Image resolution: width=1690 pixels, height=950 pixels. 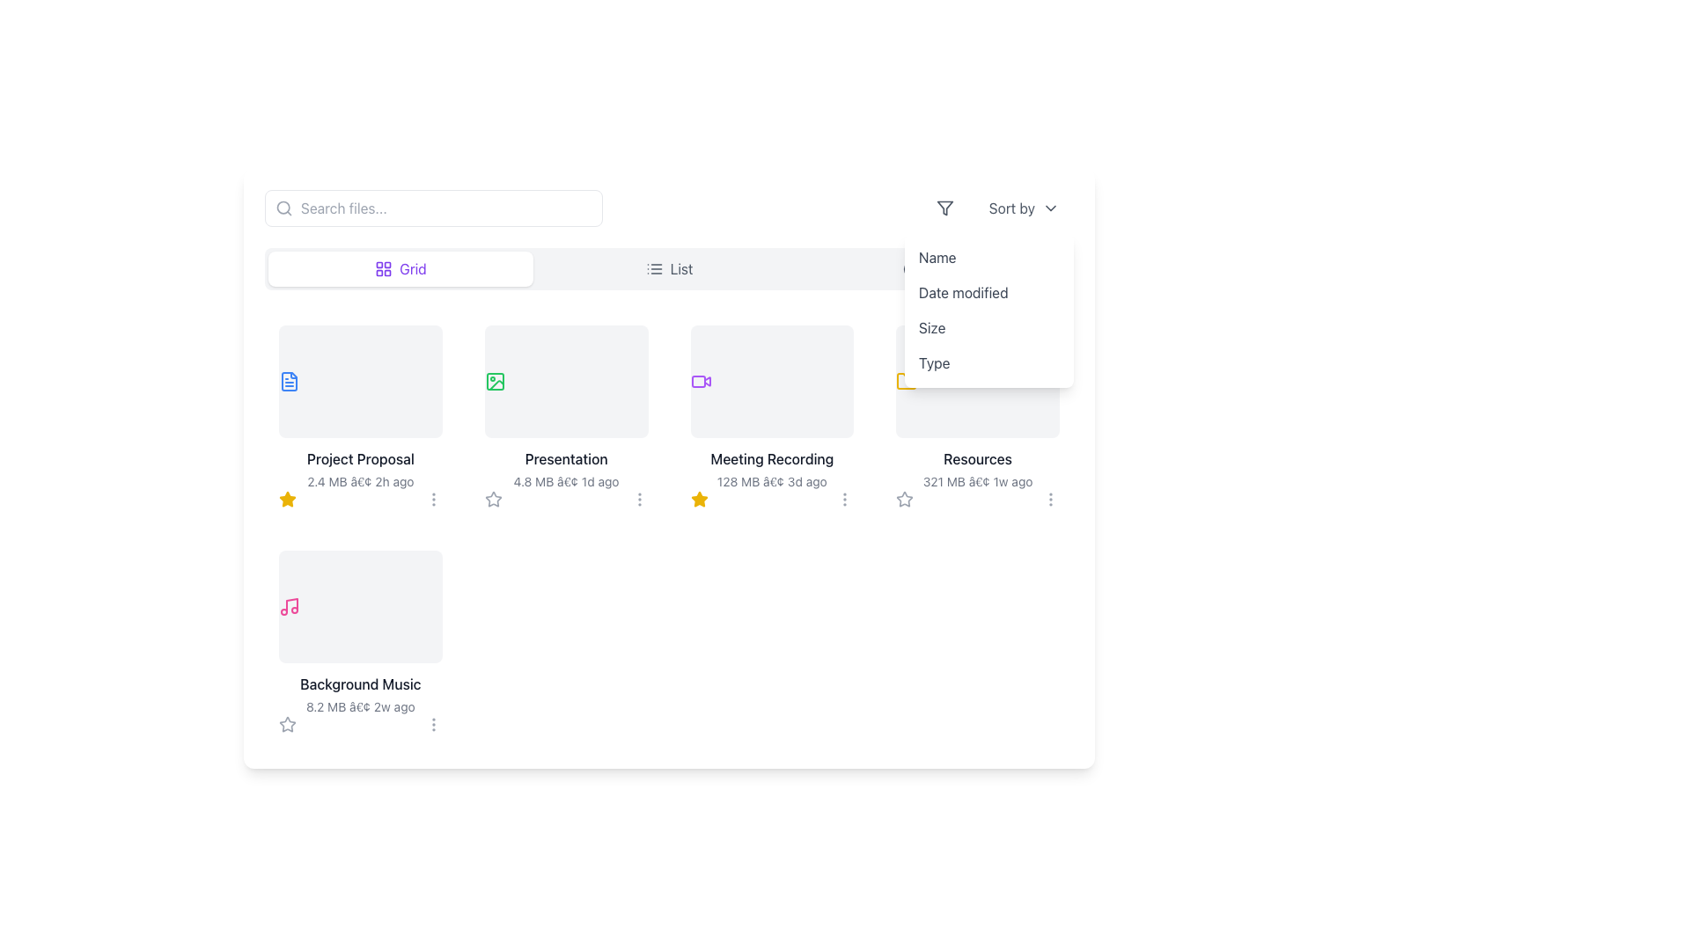 I want to click on the fourth option in the dropdown menu labeled 'Type', so click(x=988, y=362).